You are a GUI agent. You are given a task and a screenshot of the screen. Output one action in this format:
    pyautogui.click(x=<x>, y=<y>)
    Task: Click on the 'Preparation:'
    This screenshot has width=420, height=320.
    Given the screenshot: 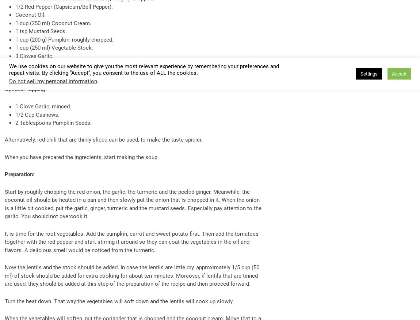 What is the action you would take?
    pyautogui.click(x=4, y=174)
    